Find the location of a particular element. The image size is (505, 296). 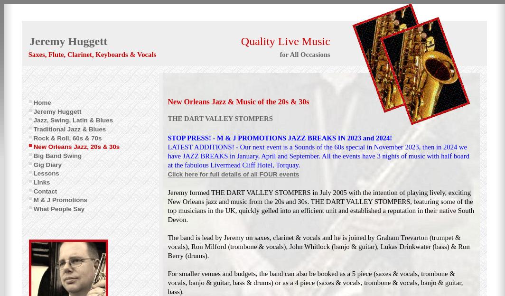

'M & J Promotions' is located at coordinates (59, 199).